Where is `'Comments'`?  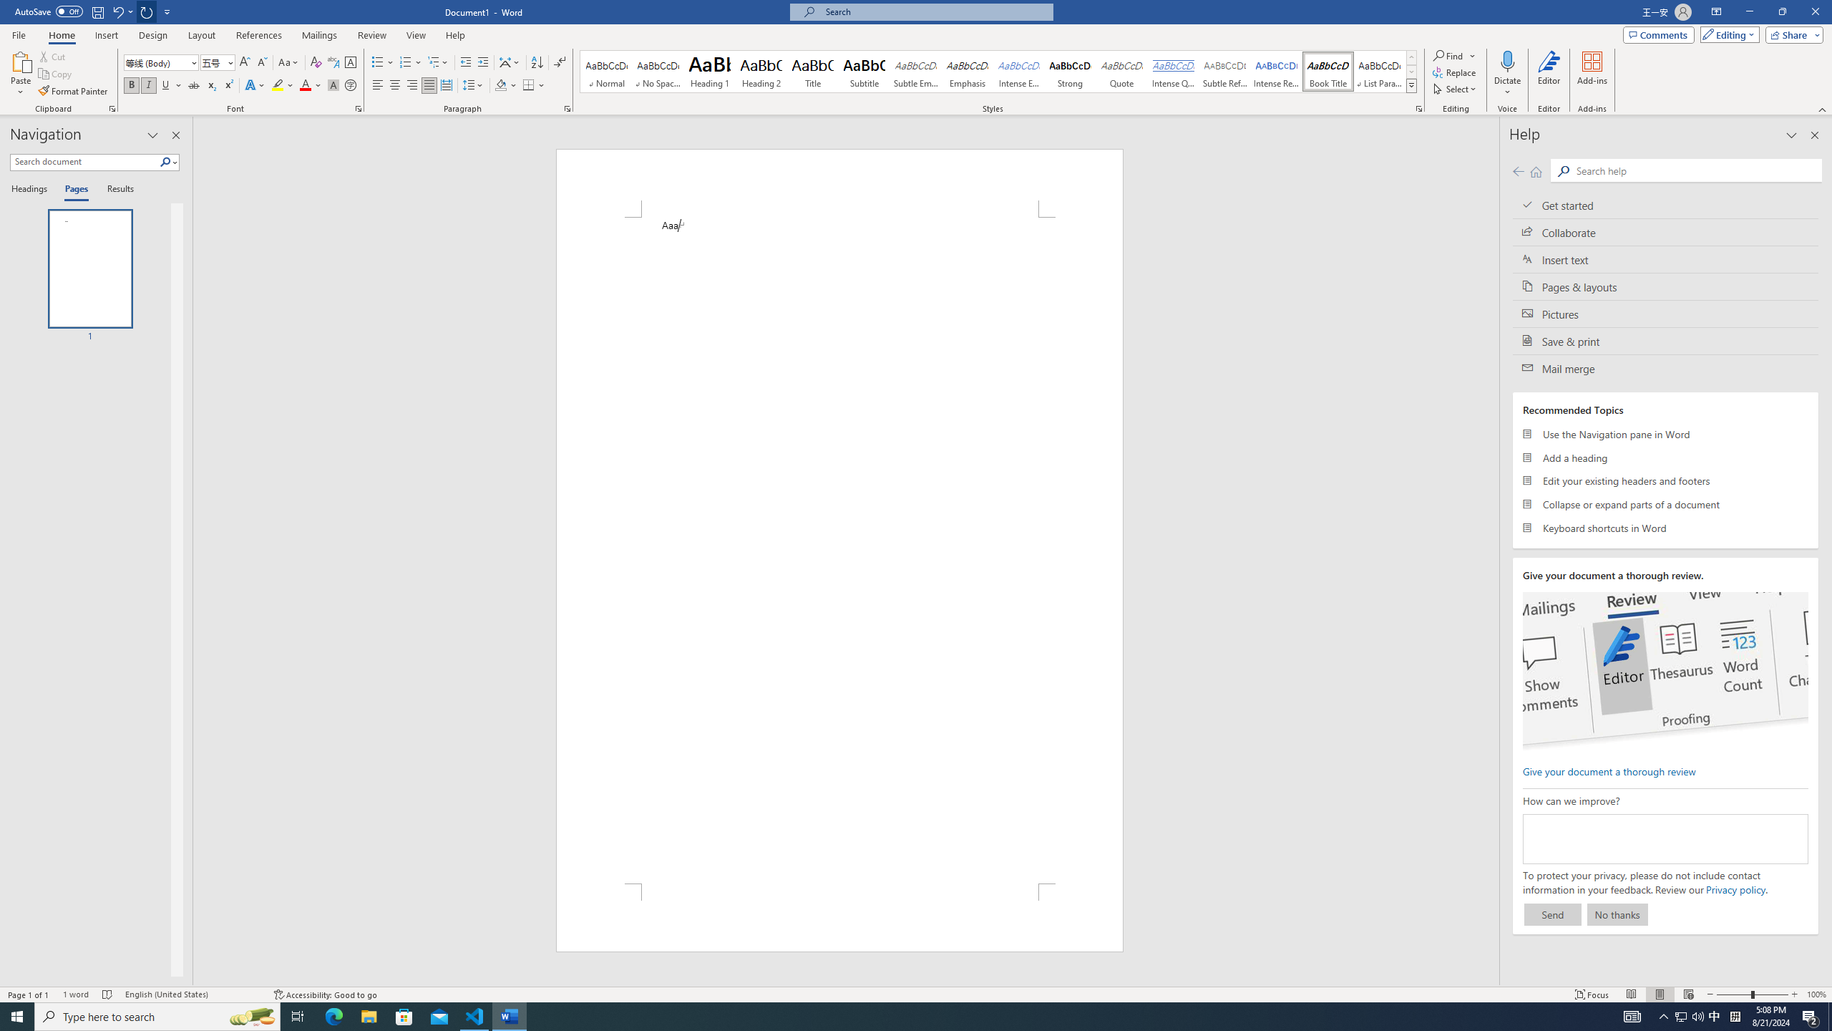 'Comments' is located at coordinates (1659, 34).